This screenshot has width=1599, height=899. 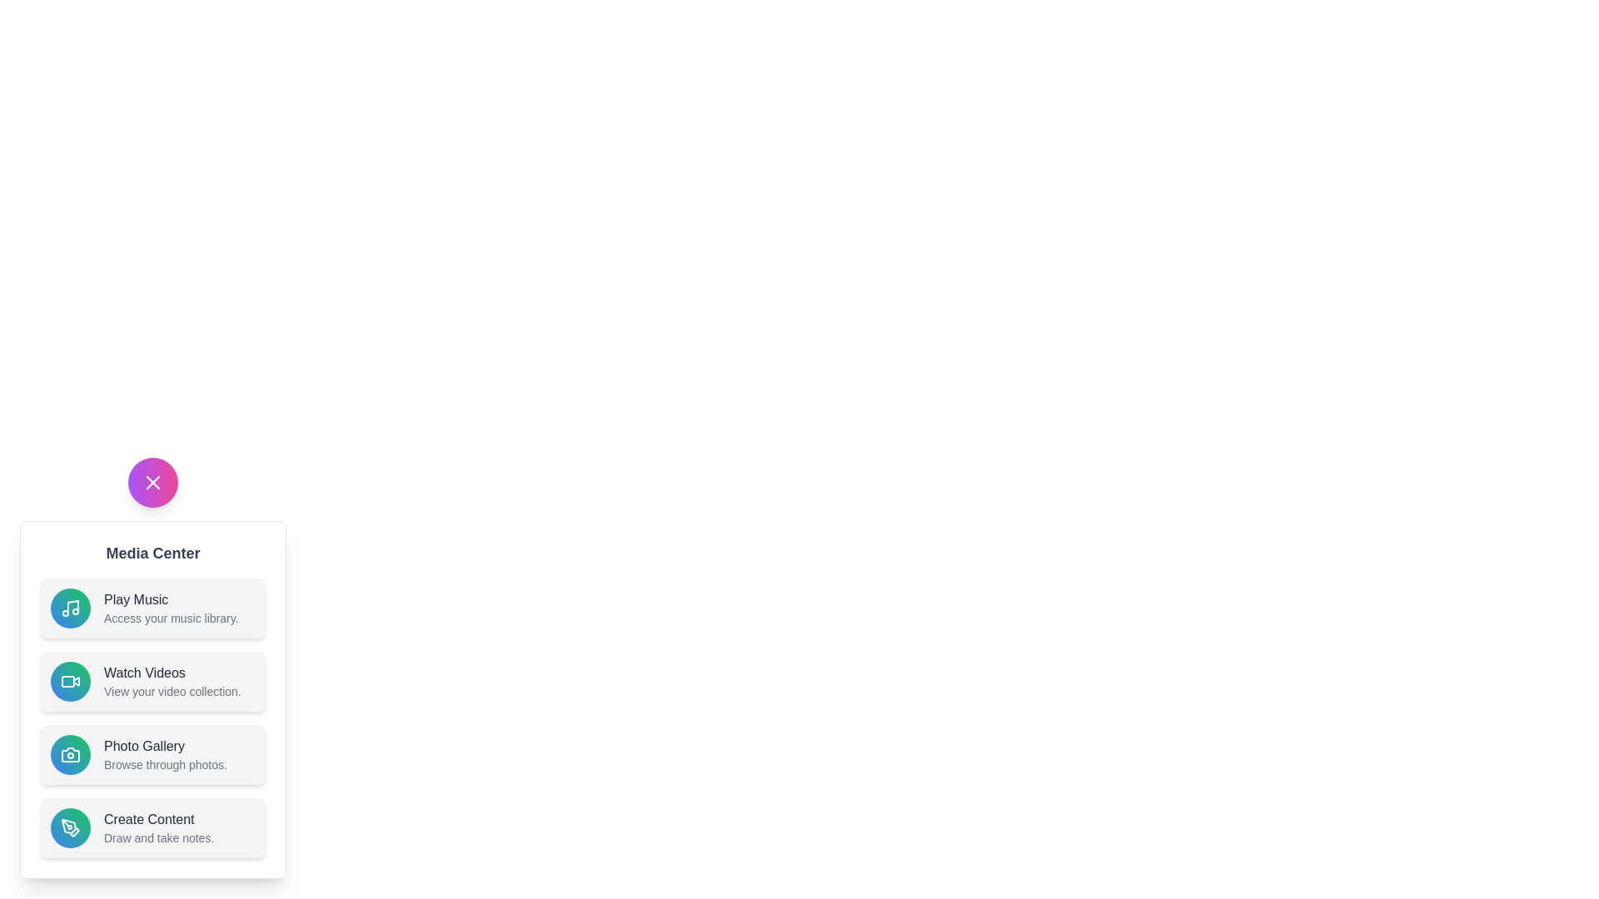 What do you see at coordinates (152, 828) in the screenshot?
I see `the 'Create Content' button to activate the drawing and note-taking feature` at bounding box center [152, 828].